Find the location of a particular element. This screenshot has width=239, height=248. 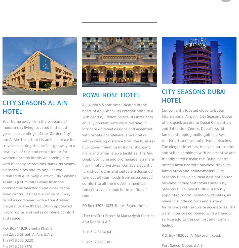

'P.O. Box 14929, Sheikh Khalifa' is located at coordinates (27, 229).